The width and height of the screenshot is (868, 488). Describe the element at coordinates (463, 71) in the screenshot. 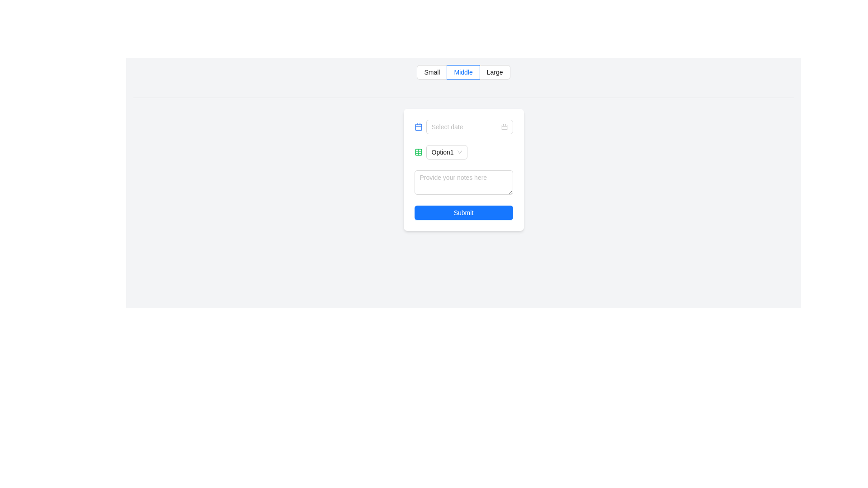

I see `to select the 'Middle' radio button option, which is visually represented by the label 'Middle' in blue font, centrally located between 'Small' and 'Large' in a horizontal group of three options` at that location.